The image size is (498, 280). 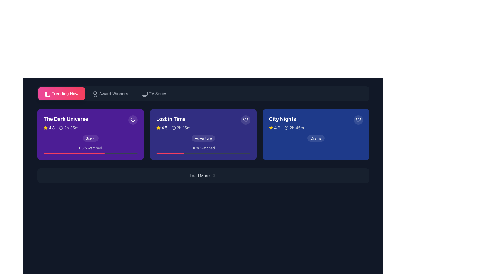 I want to click on the 'Award-Winning' menu item in the navigation bar, so click(x=113, y=94).